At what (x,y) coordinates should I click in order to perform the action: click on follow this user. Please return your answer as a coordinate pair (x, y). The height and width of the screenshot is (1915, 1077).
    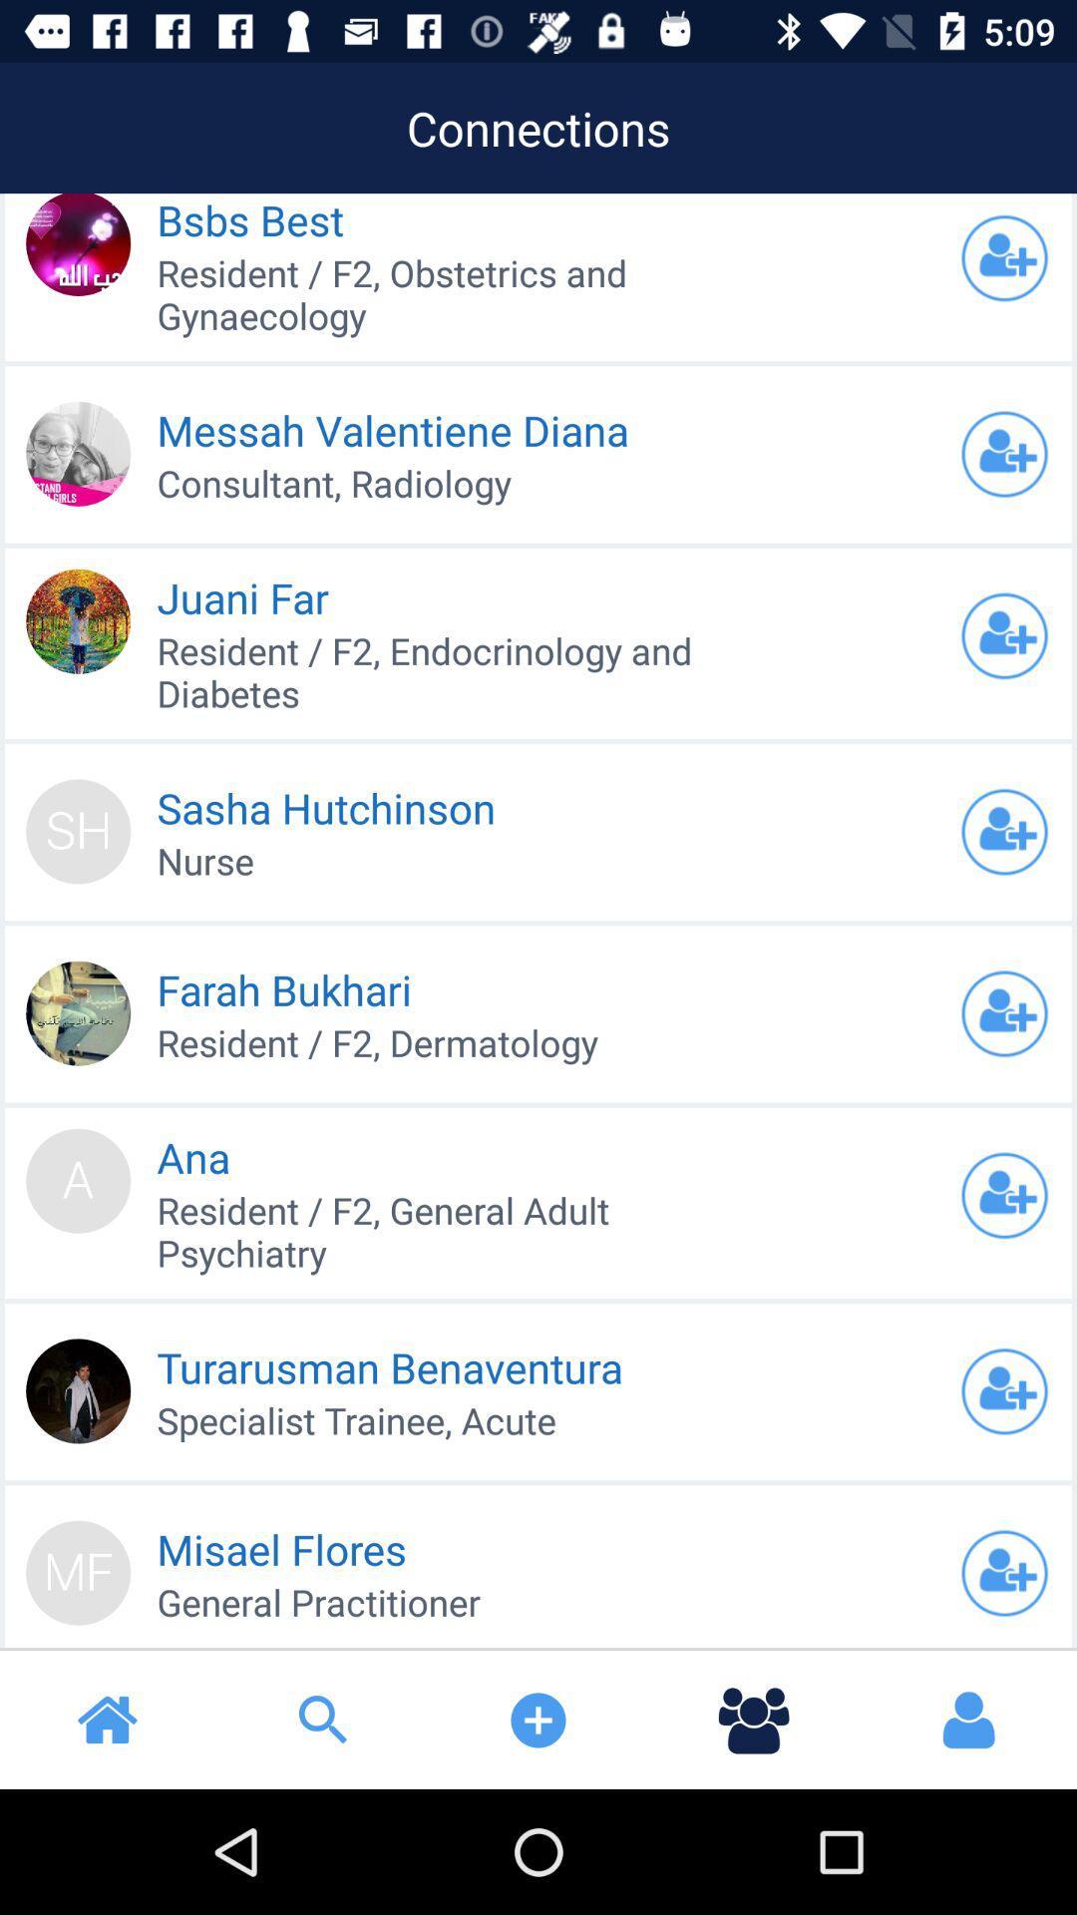
    Looking at the image, I should click on (1004, 257).